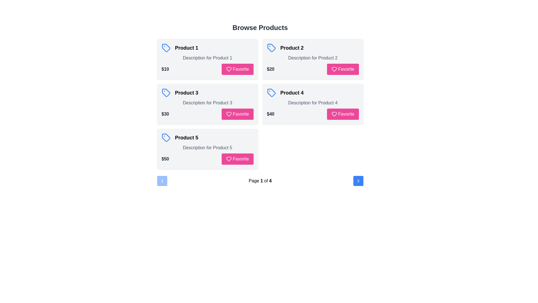  Describe the element at coordinates (342, 69) in the screenshot. I see `the favorite button located at the bottom right corner of the 'Product 2' card, adjacent to the price text '$20'` at that location.